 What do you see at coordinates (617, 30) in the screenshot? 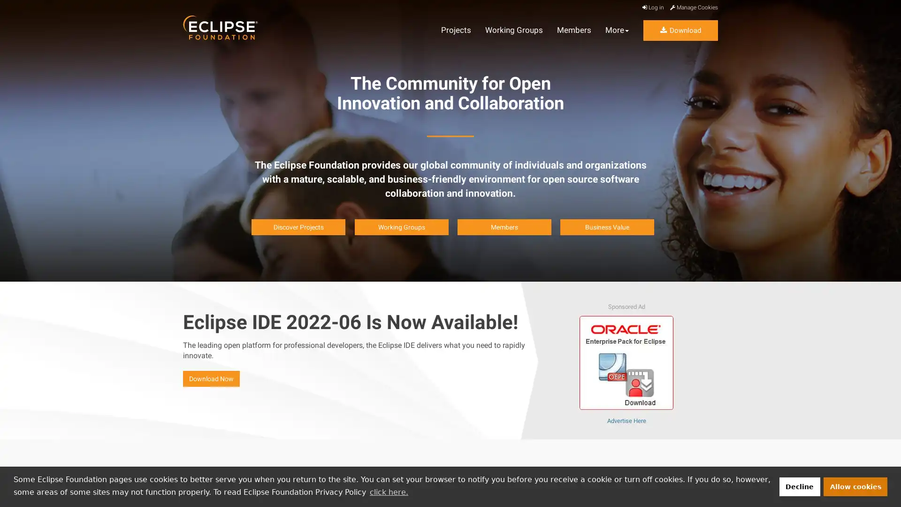
I see `More` at bounding box center [617, 30].